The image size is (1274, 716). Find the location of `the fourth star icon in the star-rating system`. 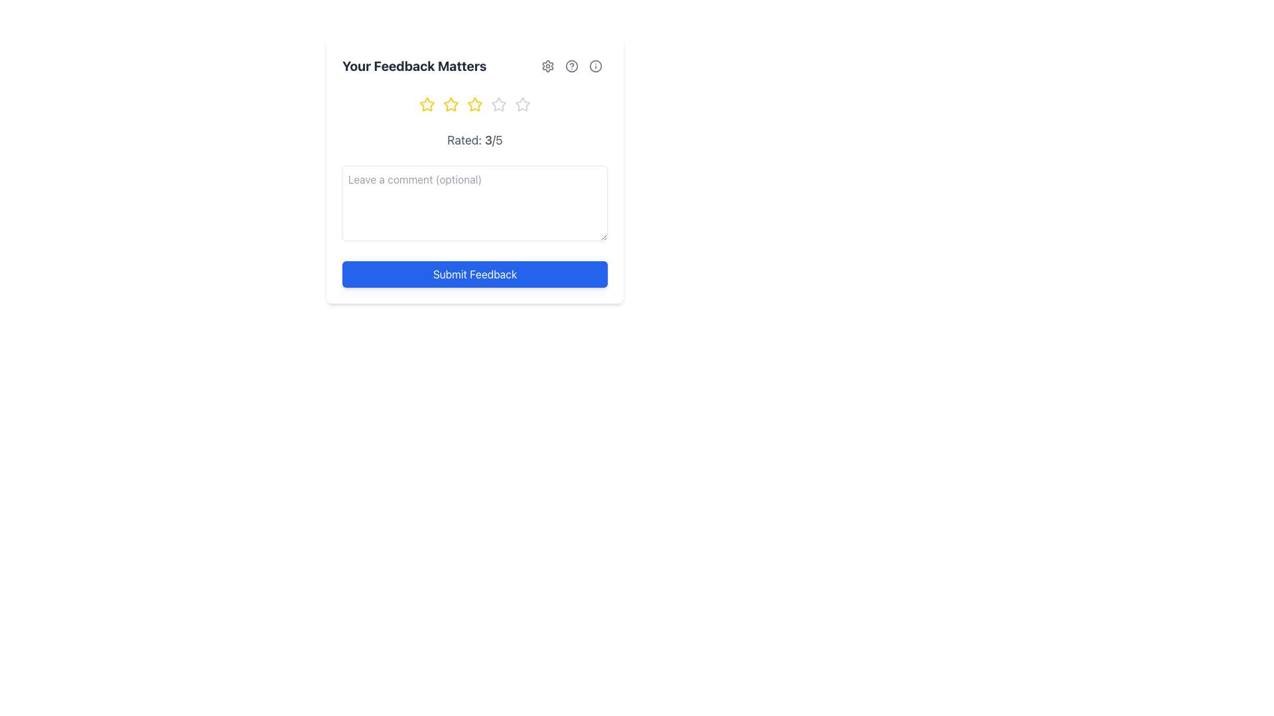

the fourth star icon in the star-rating system is located at coordinates (498, 104).